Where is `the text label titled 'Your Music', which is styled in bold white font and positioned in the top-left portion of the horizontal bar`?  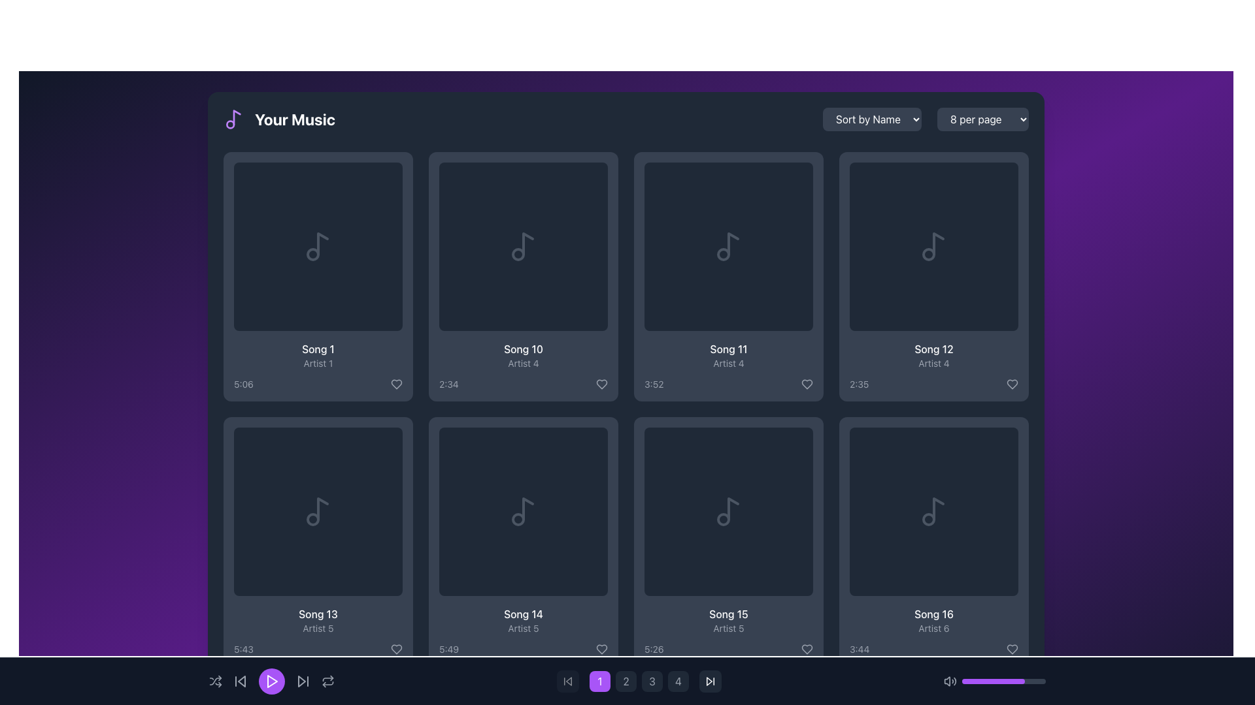 the text label titled 'Your Music', which is styled in bold white font and positioned in the top-left portion of the horizontal bar is located at coordinates (278, 119).